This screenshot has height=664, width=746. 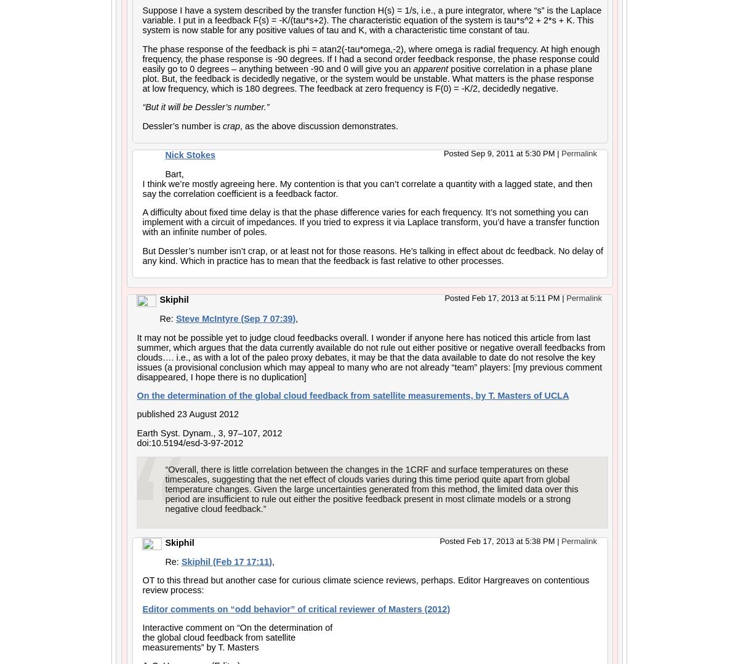 I want to click on 'the global cloud feedback from satellite', so click(x=218, y=637).